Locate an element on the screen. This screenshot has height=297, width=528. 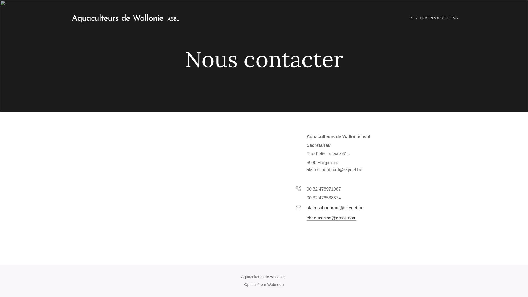
' Aquaculteurs de Wallonie   ASBL' is located at coordinates (123, 18).